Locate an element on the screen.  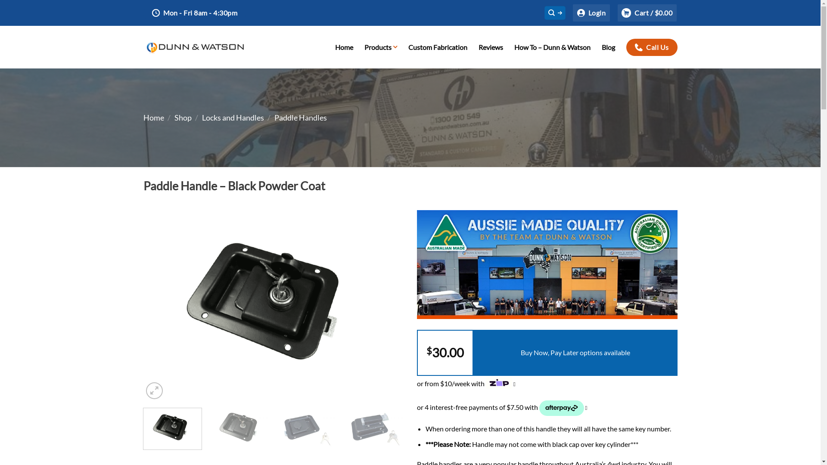
'Reviews' is located at coordinates (491, 47).